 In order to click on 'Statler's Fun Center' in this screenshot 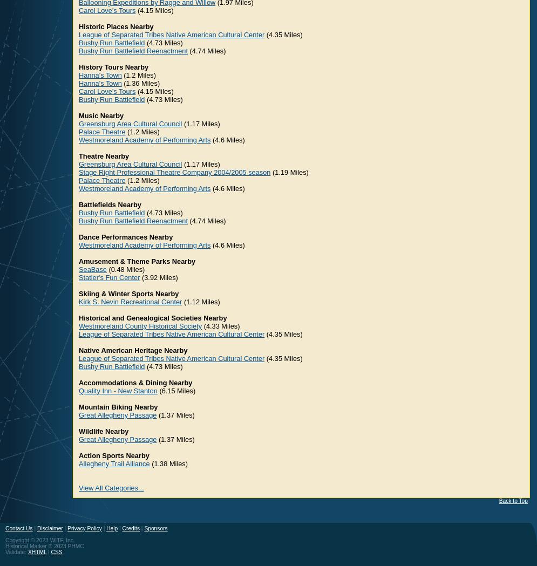, I will do `click(108, 277)`.